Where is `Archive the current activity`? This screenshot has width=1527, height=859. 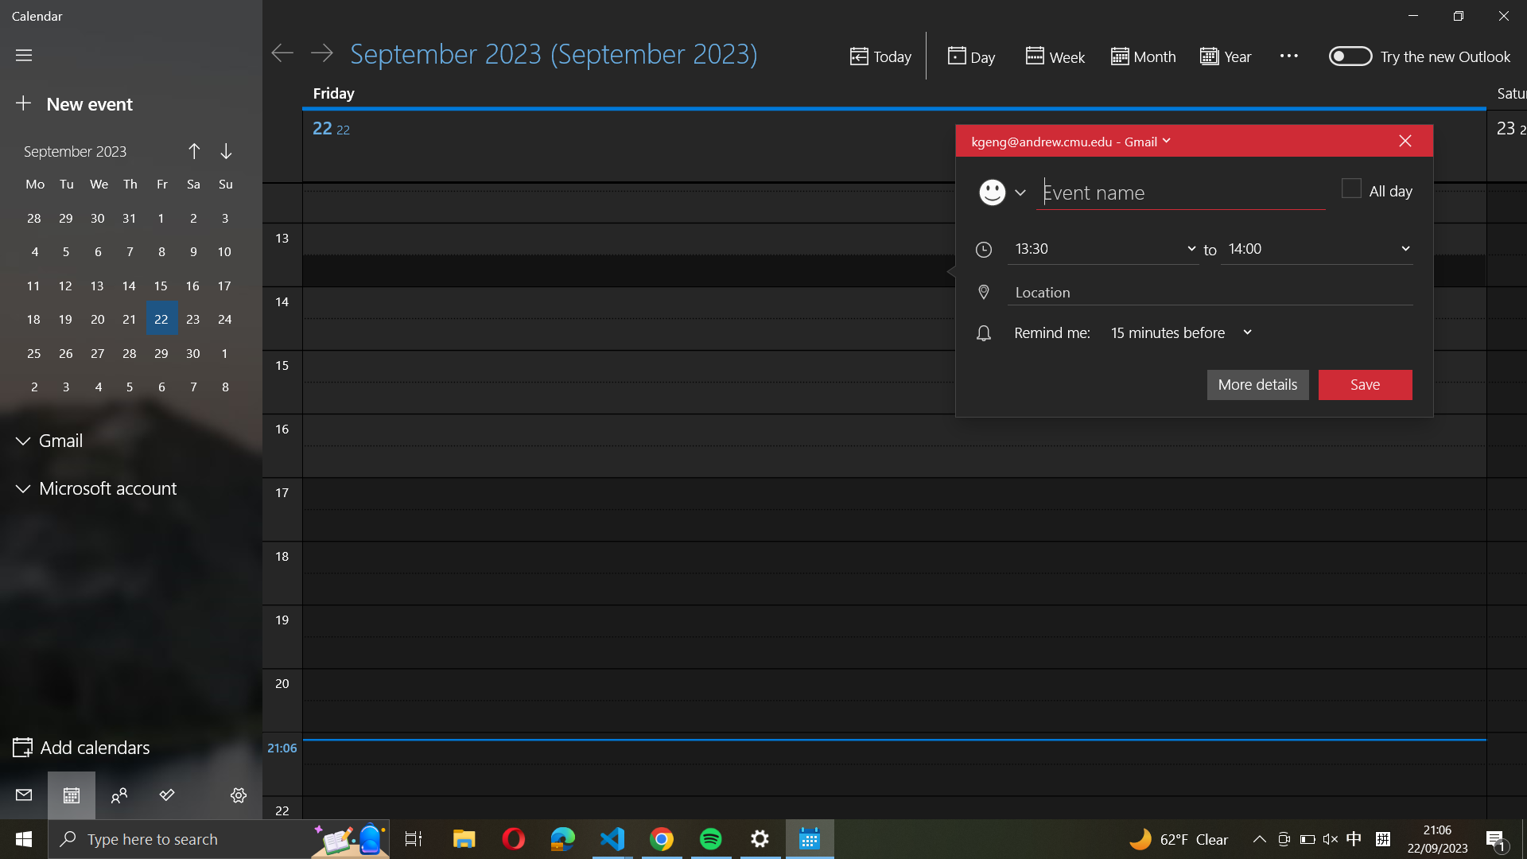
Archive the current activity is located at coordinates (1365, 383).